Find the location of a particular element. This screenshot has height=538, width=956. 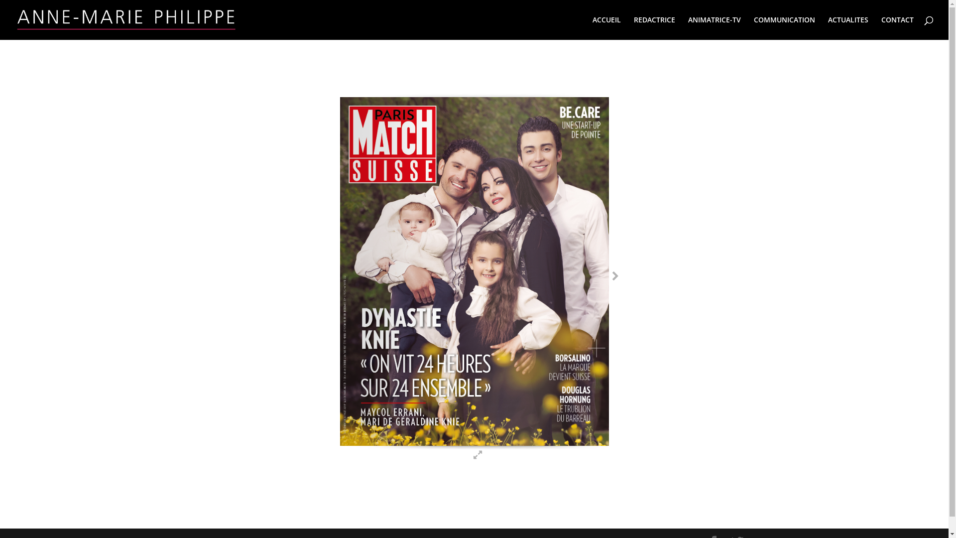

'CONTACT' is located at coordinates (881, 27).